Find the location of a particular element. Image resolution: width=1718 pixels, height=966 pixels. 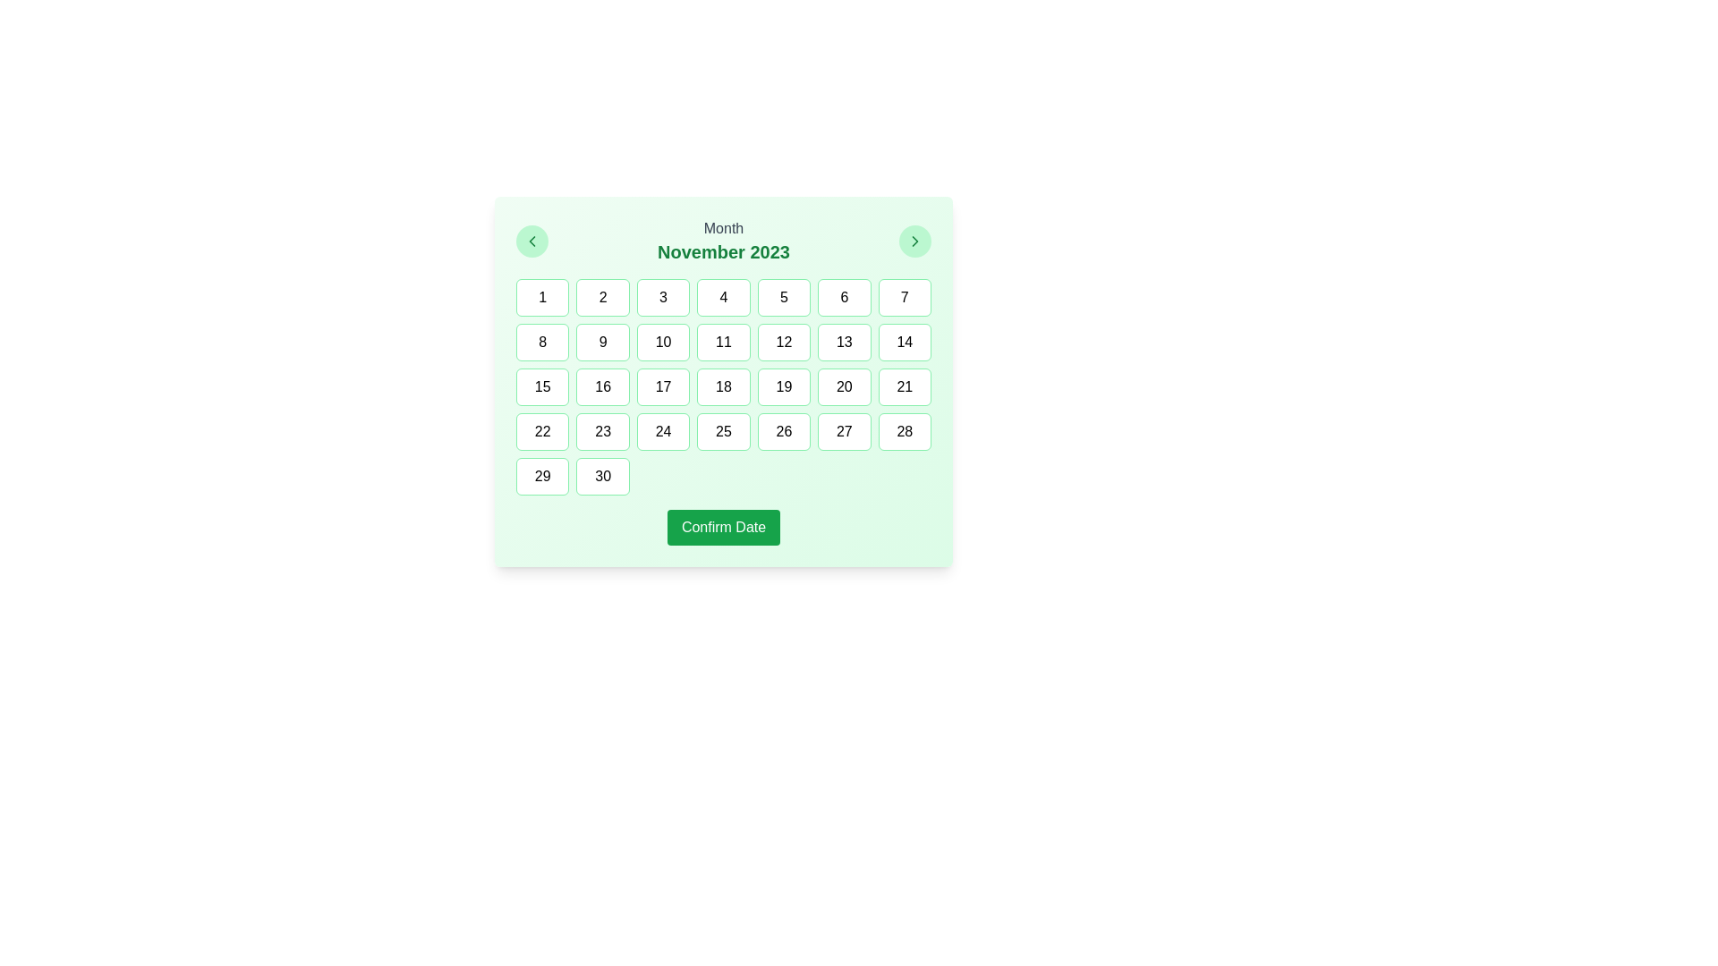

the compact rectangular button labeled '1' with a light border is located at coordinates (541, 296).